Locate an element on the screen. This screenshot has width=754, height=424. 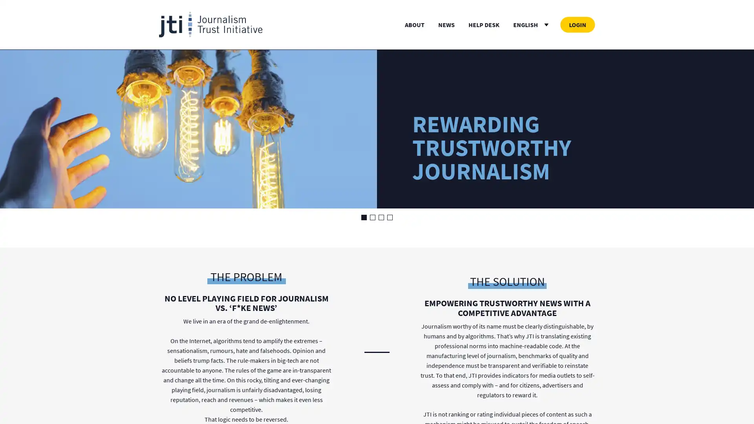
Go to slide 3 is located at coordinates (381, 217).